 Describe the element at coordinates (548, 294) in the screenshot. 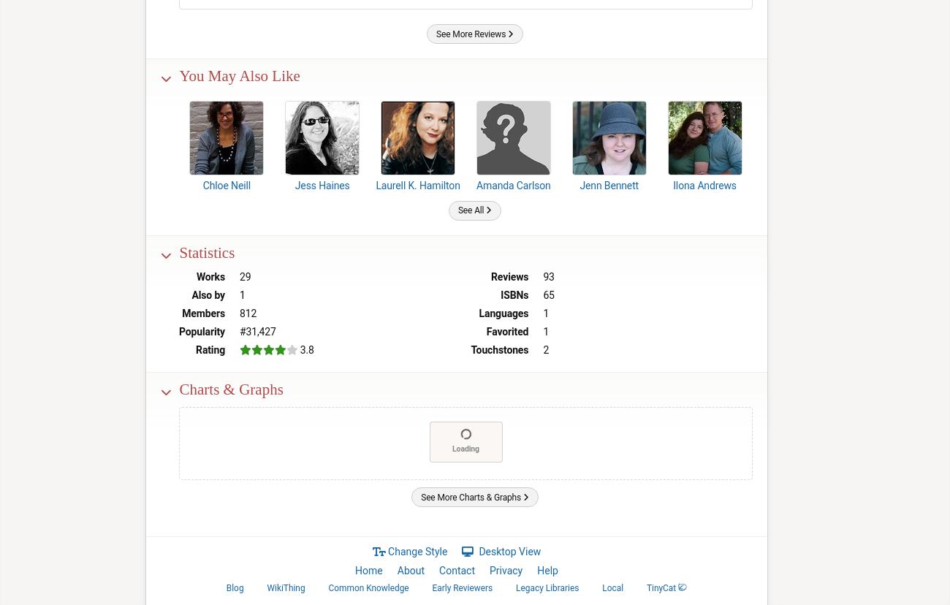

I see `'65'` at that location.